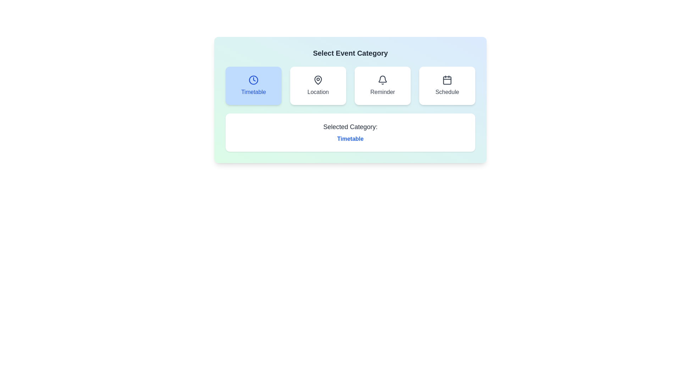 The image size is (681, 383). Describe the element at coordinates (318, 85) in the screenshot. I see `the button labeled Location to observe its hover effect` at that location.